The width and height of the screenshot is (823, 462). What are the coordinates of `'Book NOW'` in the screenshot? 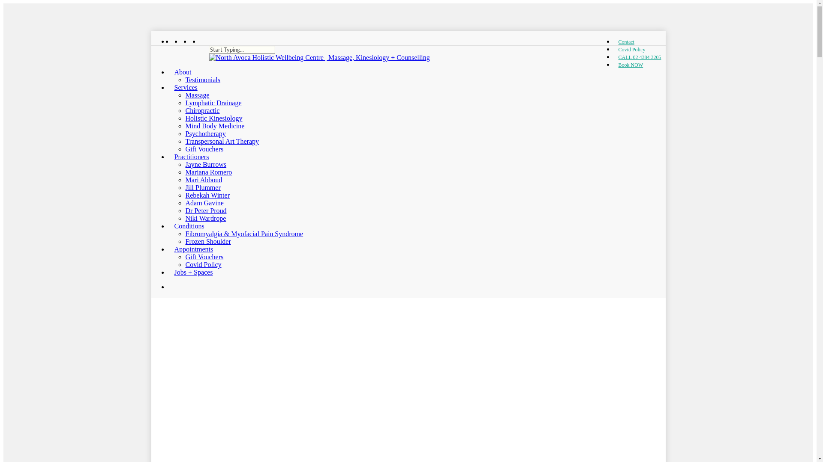 It's located at (628, 64).